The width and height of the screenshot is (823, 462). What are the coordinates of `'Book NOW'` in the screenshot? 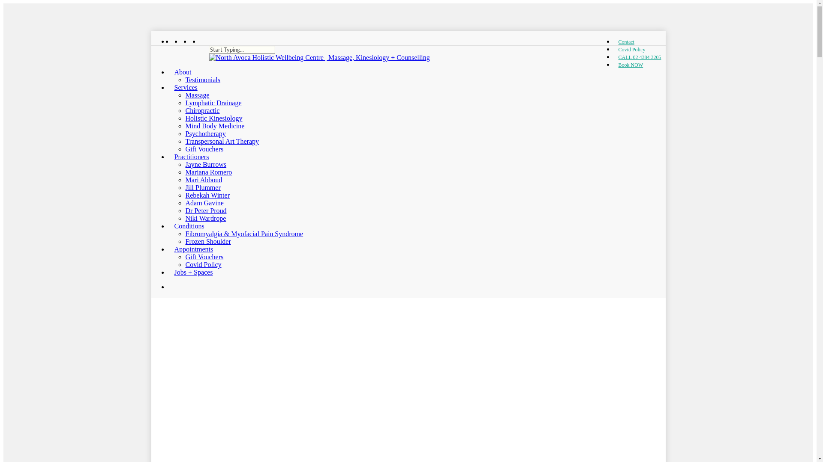 It's located at (628, 64).